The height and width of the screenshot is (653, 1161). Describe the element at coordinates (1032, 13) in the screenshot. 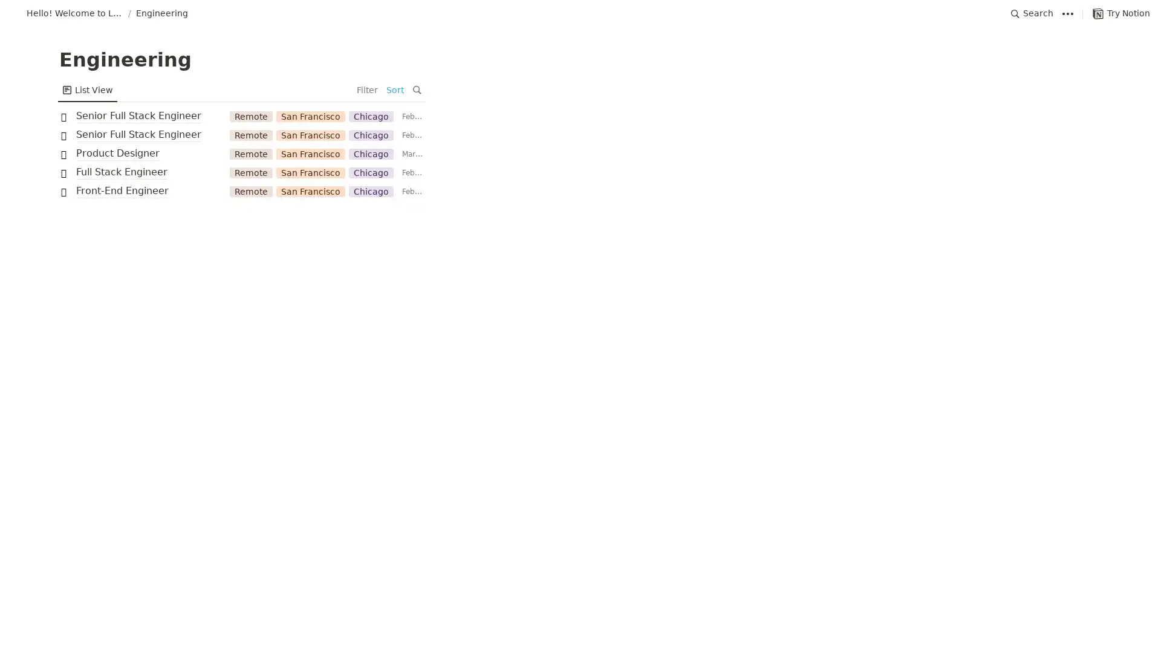

I see `Search` at that location.